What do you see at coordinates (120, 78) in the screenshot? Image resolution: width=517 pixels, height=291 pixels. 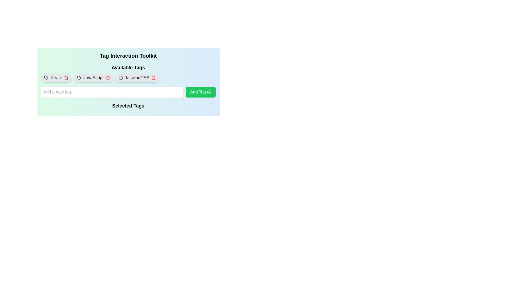 I see `the 'TailwindCSS' tag icon, which is the first element in the tag group under 'Available Tags'` at bounding box center [120, 78].